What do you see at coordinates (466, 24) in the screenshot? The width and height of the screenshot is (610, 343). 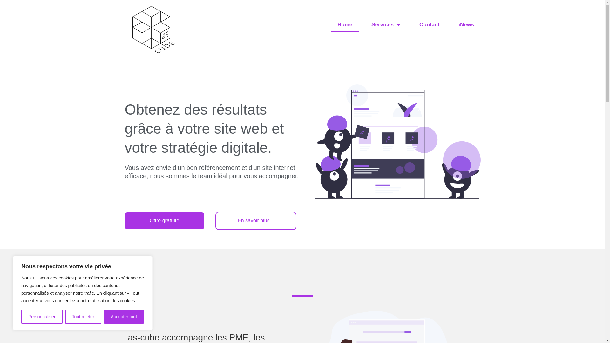 I see `'iNews'` at bounding box center [466, 24].